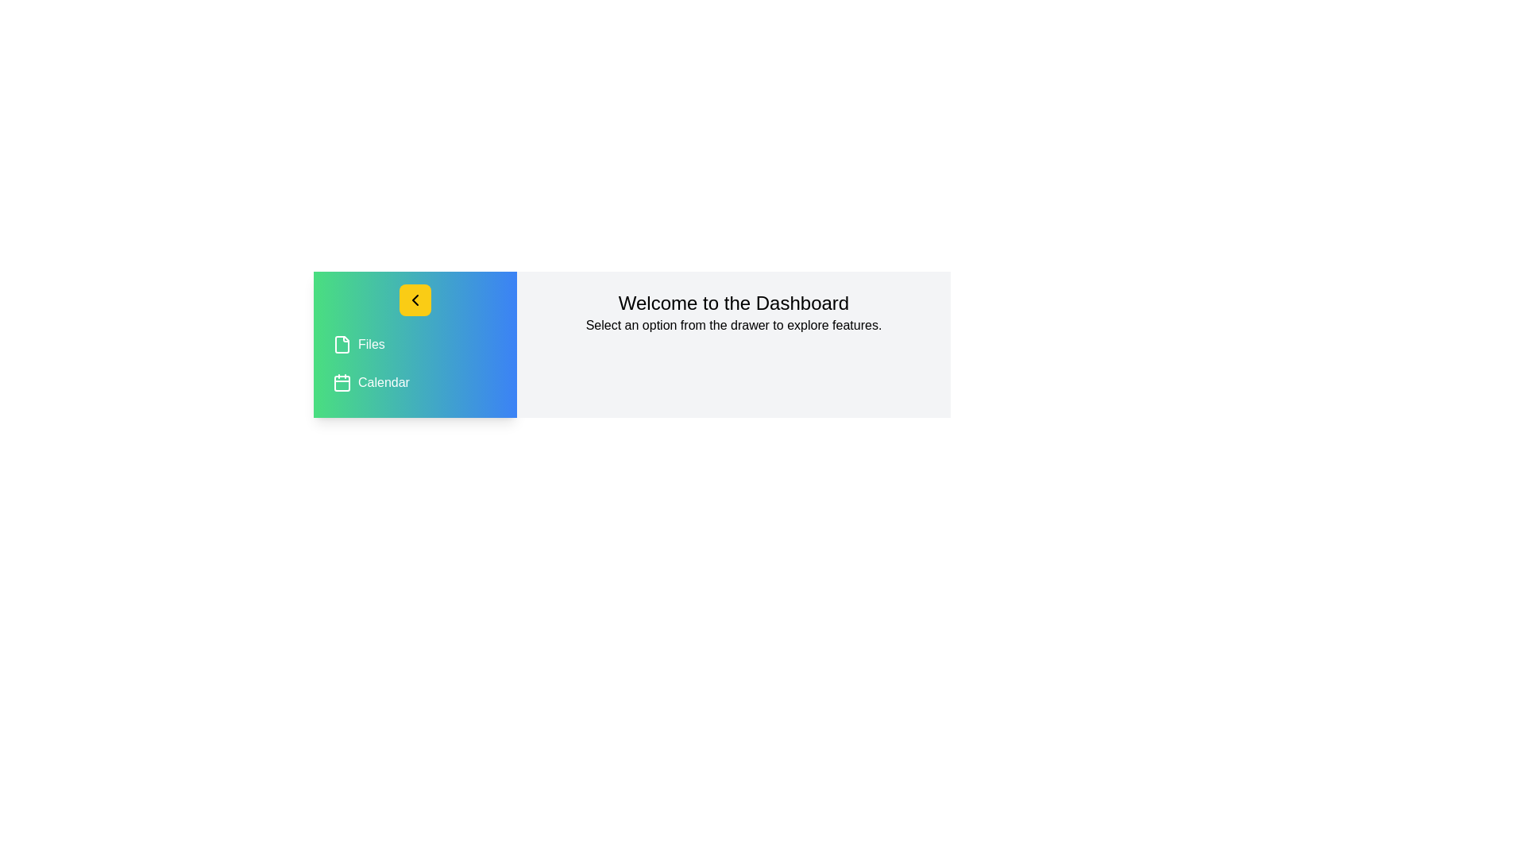 The height and width of the screenshot is (858, 1525). What do you see at coordinates (415, 383) in the screenshot?
I see `the menu item Calendar to observe the hover effect` at bounding box center [415, 383].